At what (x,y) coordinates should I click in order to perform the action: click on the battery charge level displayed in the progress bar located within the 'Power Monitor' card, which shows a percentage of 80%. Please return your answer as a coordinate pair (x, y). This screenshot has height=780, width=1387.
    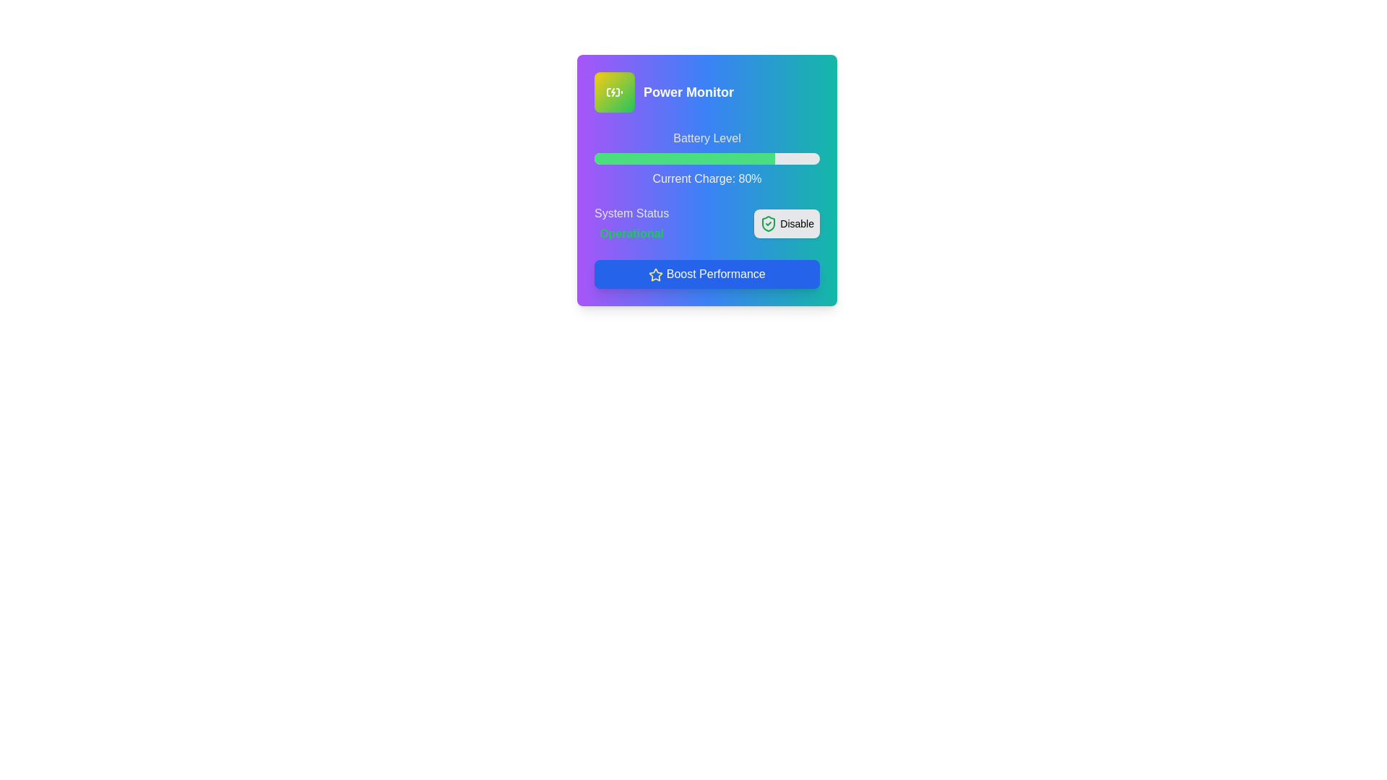
    Looking at the image, I should click on (707, 158).